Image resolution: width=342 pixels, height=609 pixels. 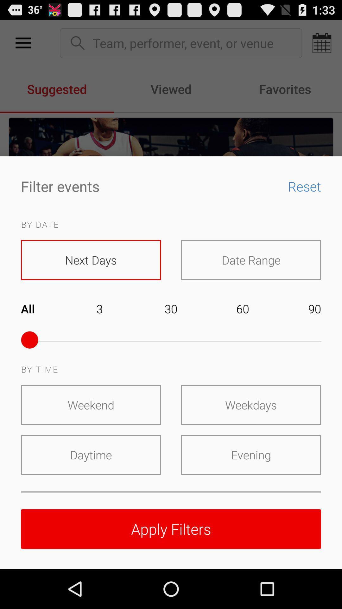 I want to click on icon to the right of weekend item, so click(x=250, y=404).